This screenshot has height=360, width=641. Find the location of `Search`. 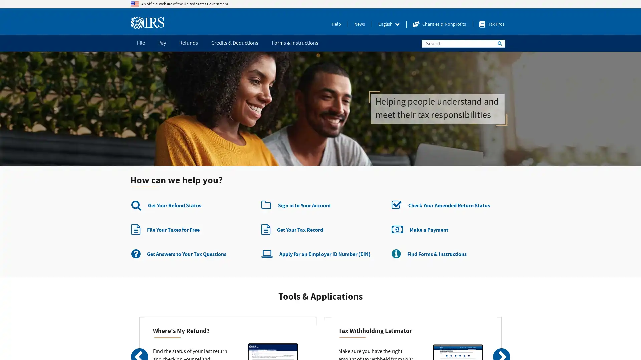

Search is located at coordinates (500, 43).